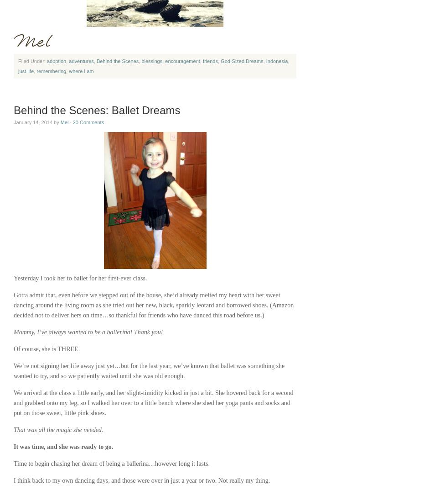 The width and height of the screenshot is (440, 490). Describe the element at coordinates (111, 464) in the screenshot. I see `'Time to begin chasing her dream of being a ballerina…however long it lasts.'` at that location.